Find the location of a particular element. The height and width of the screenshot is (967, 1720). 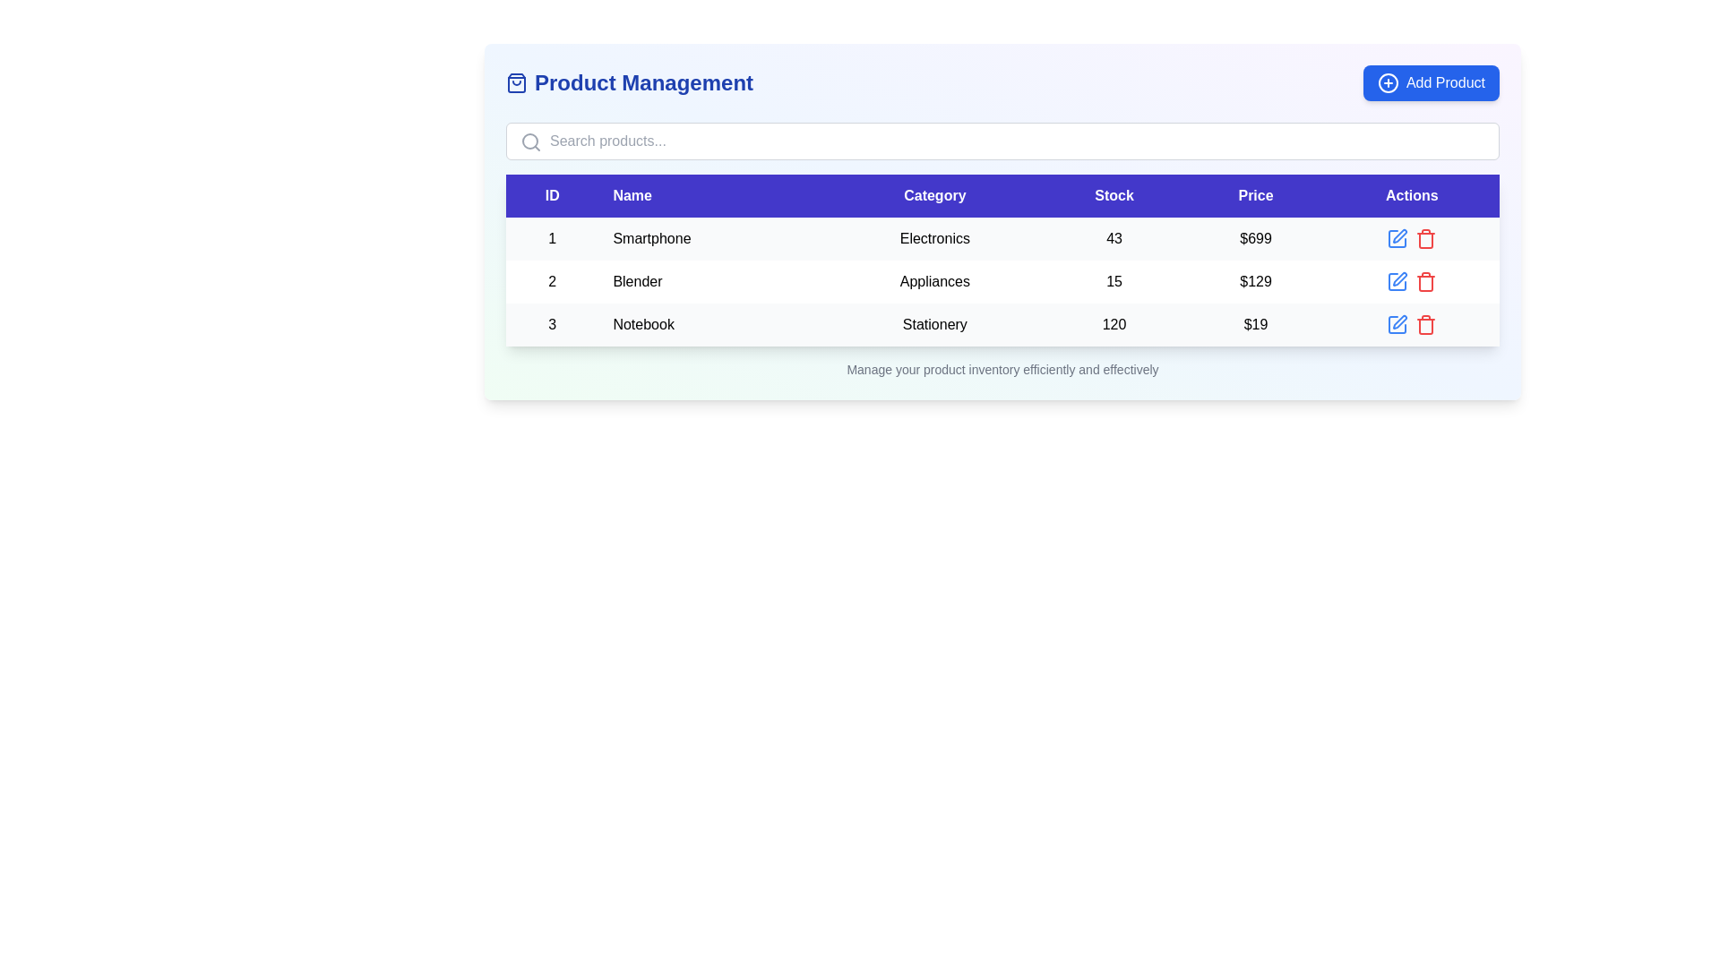

the delete button represented by the red trash bin icon in the Actions column for the second row (item 'Blender') of the table is located at coordinates (1425, 282).